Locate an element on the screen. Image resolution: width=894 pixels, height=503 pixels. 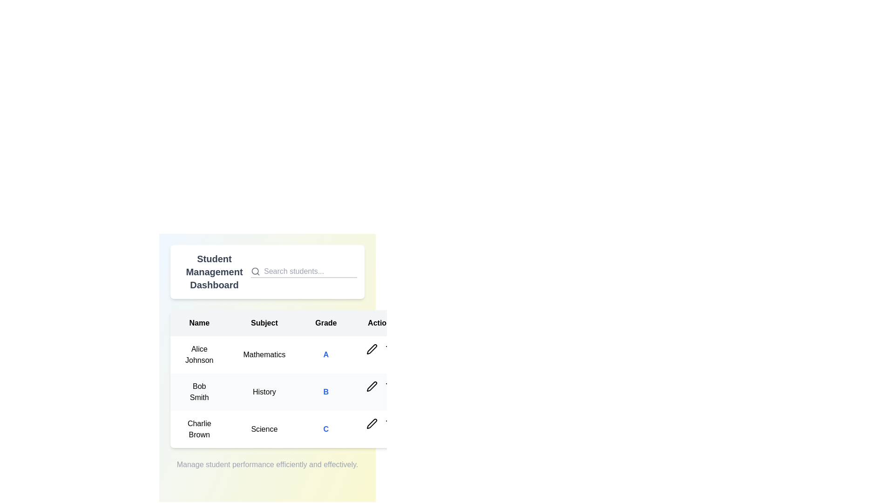
the text label displaying 'Bob Smith' in bold black sans-serif font, located in the second table row under the 'Name' column is located at coordinates (199, 392).